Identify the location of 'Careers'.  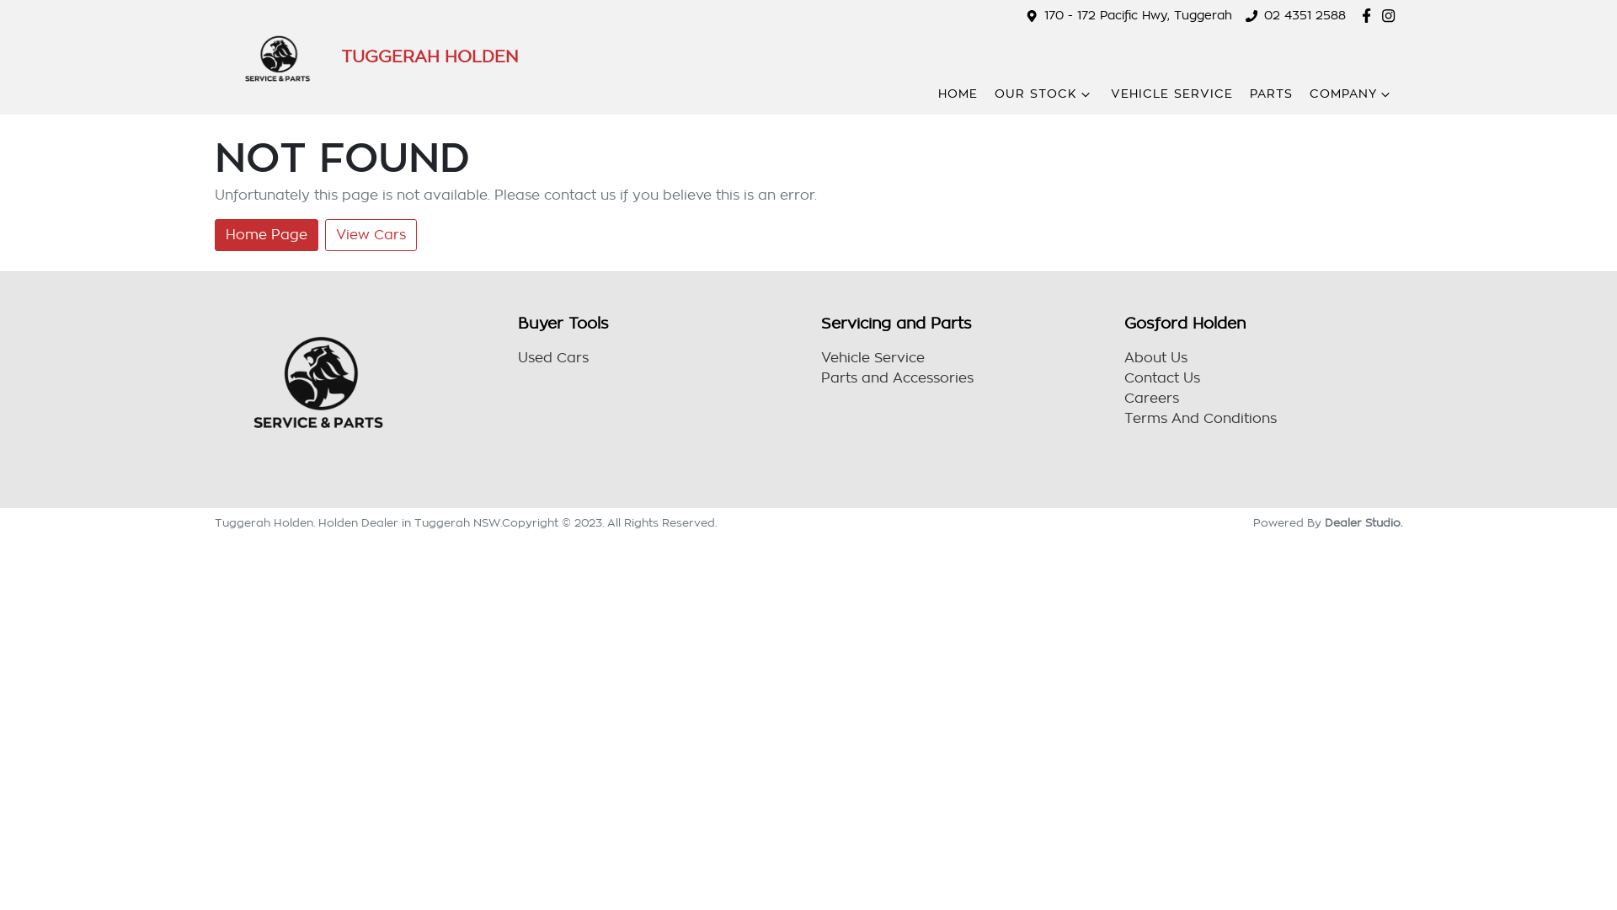
(1150, 399).